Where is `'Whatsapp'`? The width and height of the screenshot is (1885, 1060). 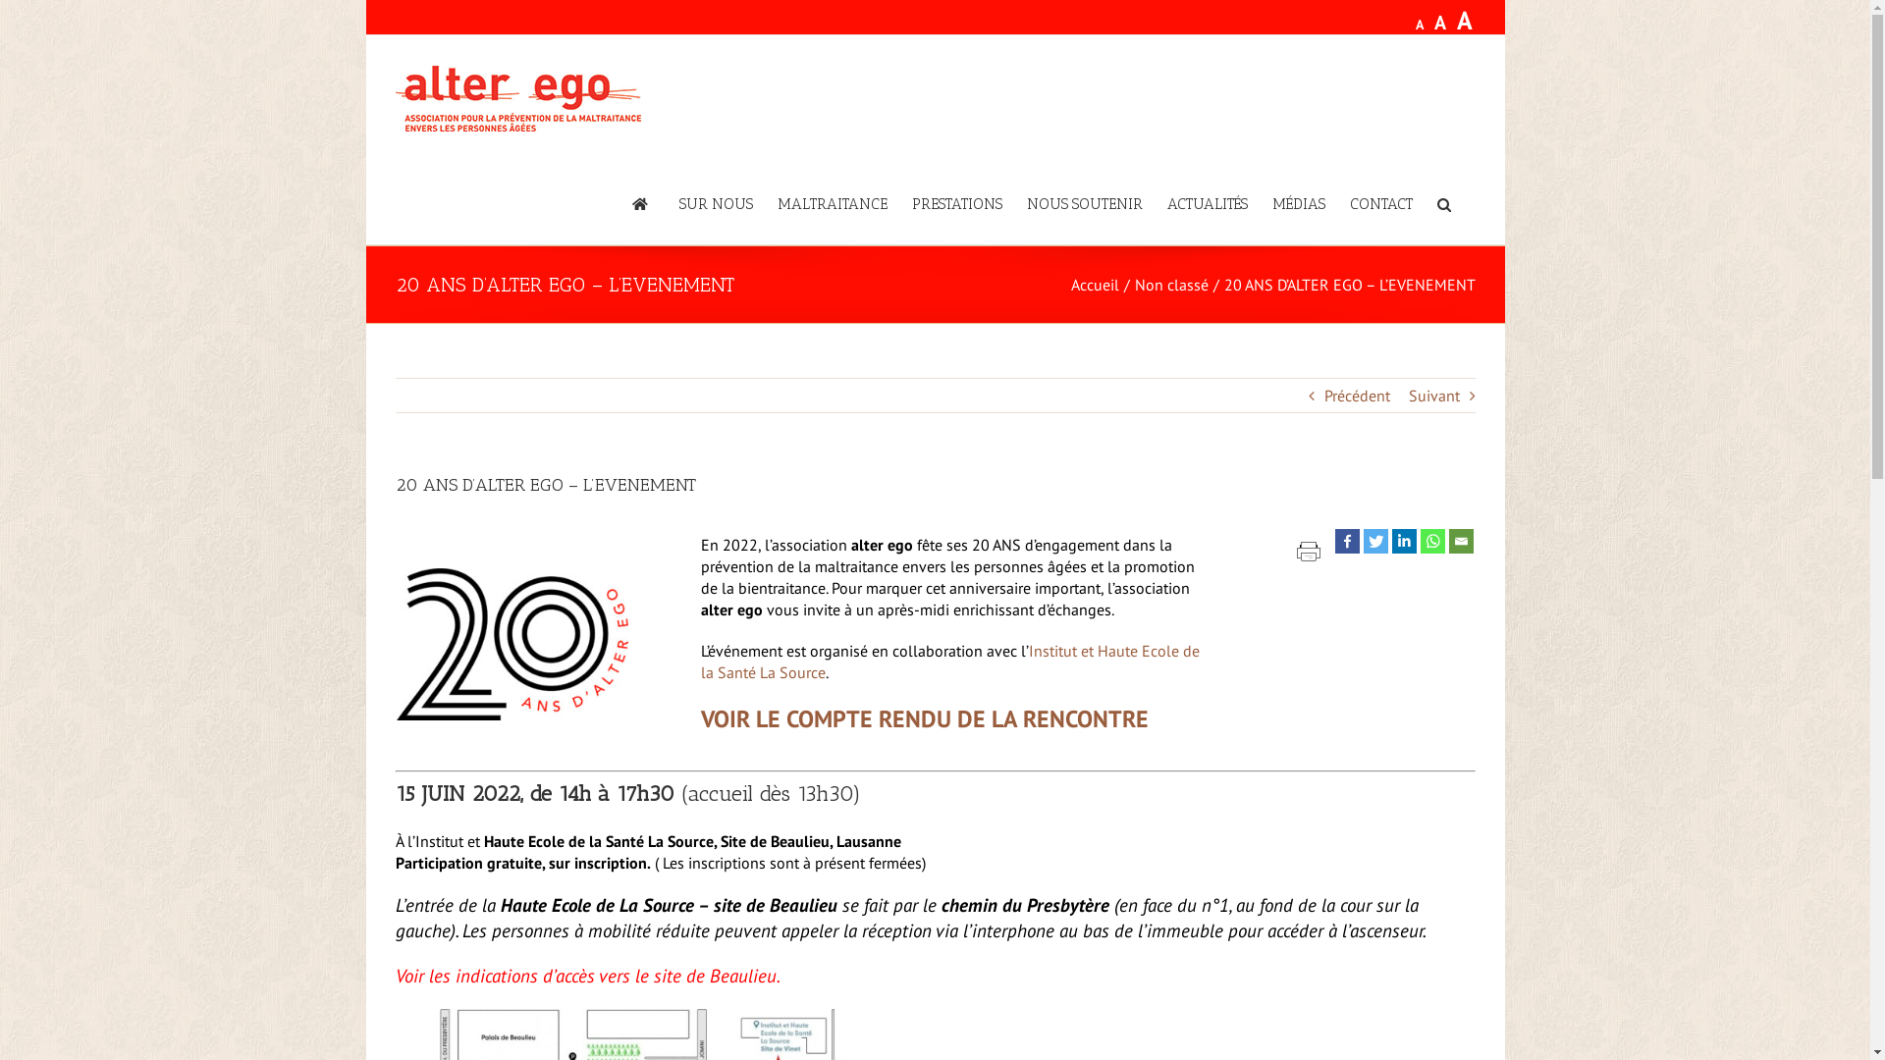
'Whatsapp' is located at coordinates (1431, 541).